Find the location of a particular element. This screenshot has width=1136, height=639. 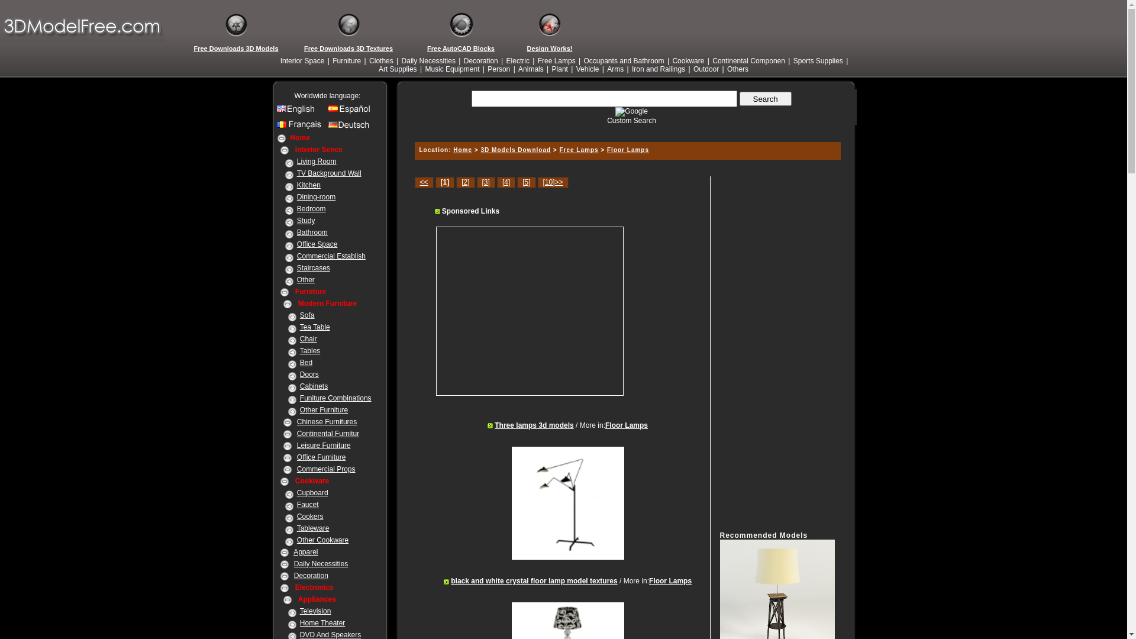

'Decoration' is located at coordinates (480, 61).